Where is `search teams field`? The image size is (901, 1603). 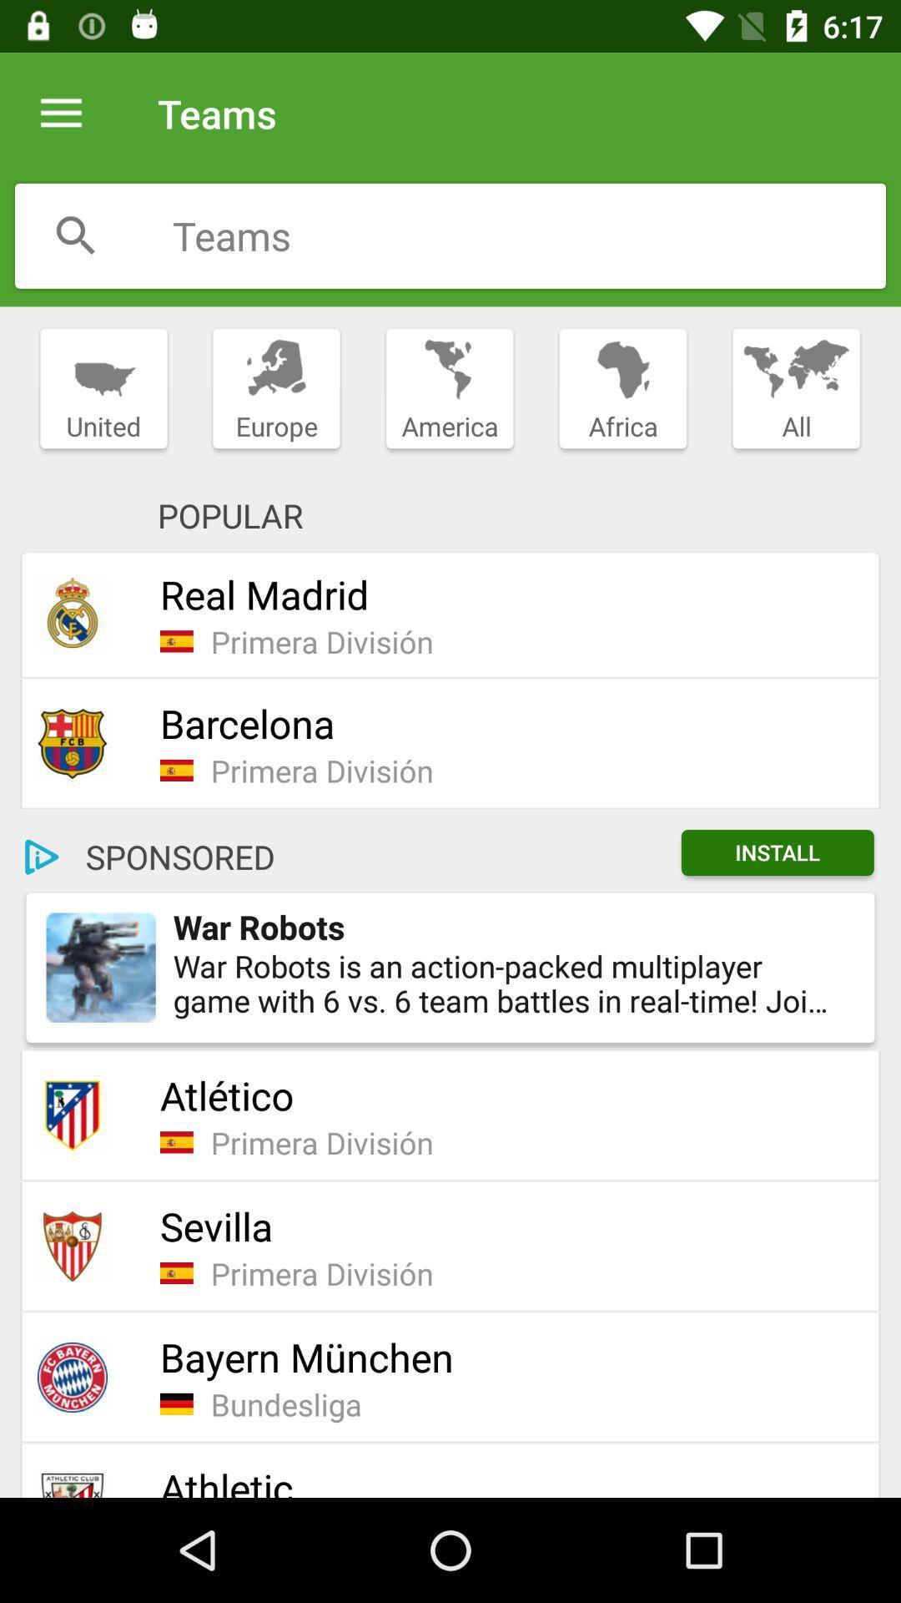 search teams field is located at coordinates (529, 235).